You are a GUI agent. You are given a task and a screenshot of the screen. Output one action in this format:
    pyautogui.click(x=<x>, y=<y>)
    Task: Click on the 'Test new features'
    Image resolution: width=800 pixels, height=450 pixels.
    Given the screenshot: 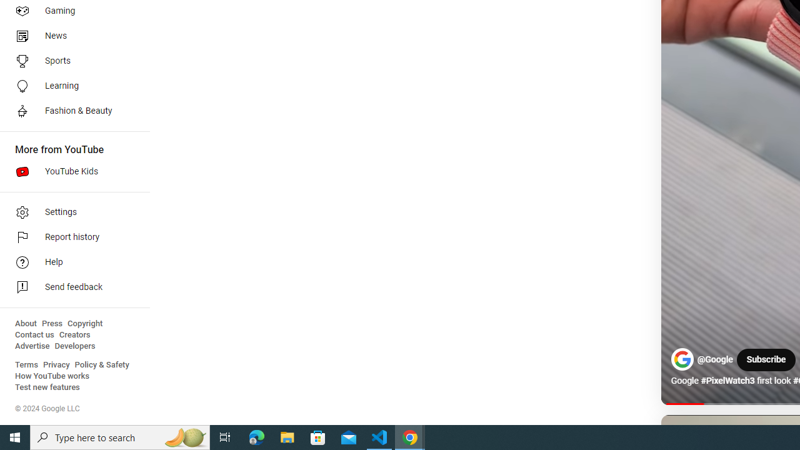 What is the action you would take?
    pyautogui.click(x=47, y=387)
    